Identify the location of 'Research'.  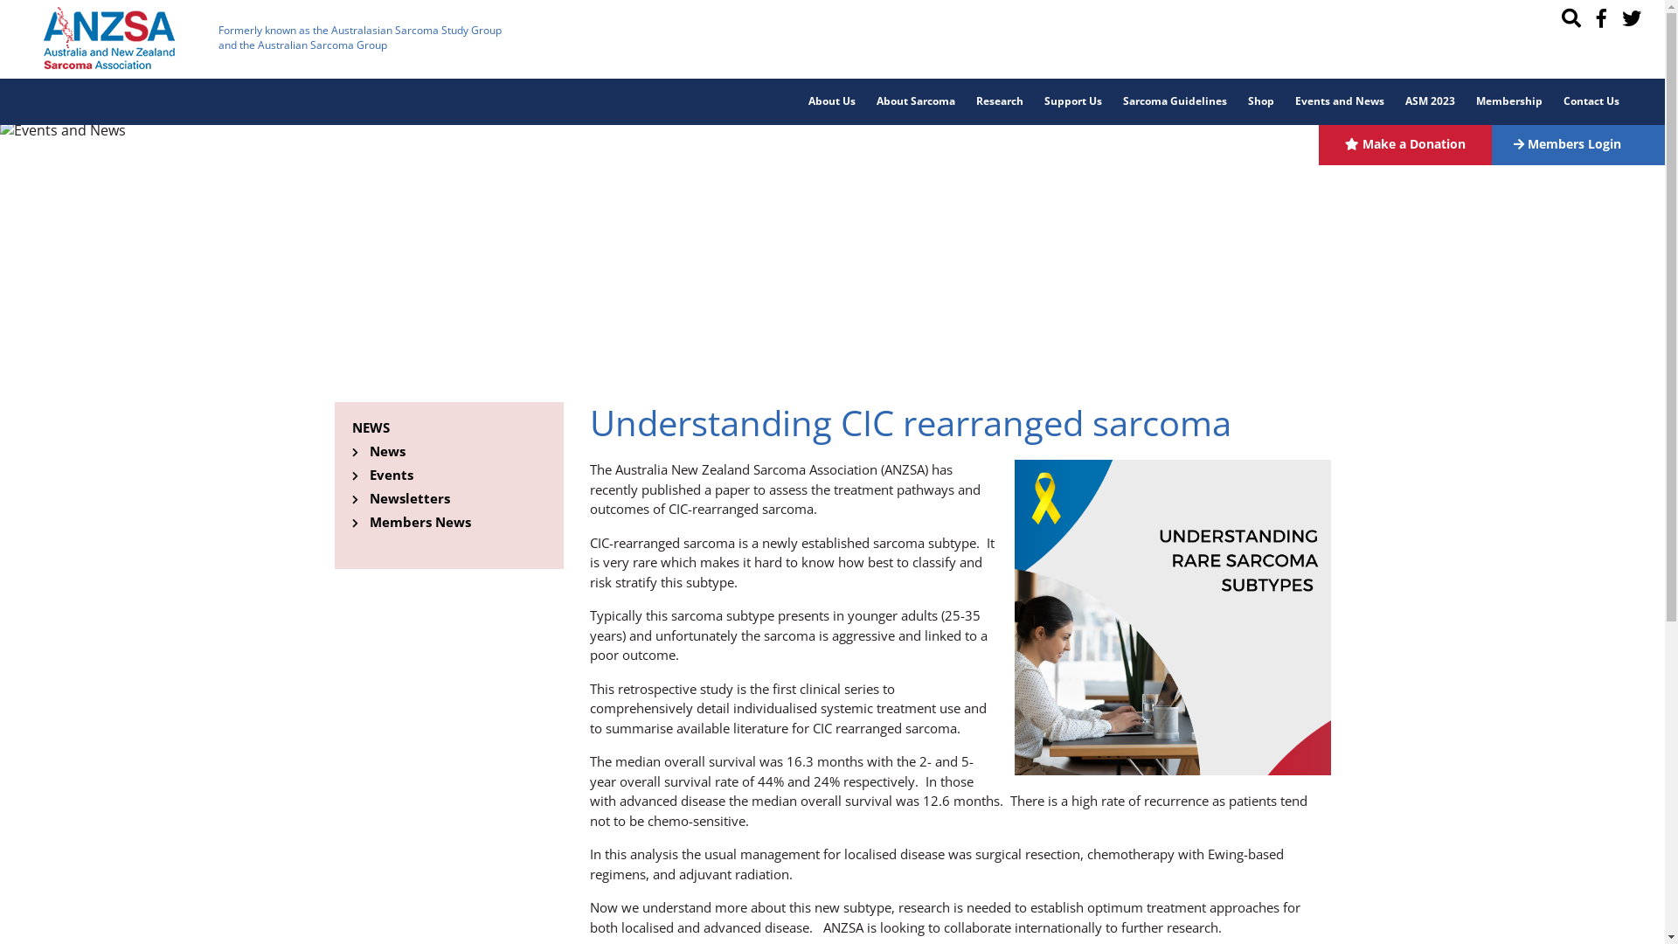
(999, 101).